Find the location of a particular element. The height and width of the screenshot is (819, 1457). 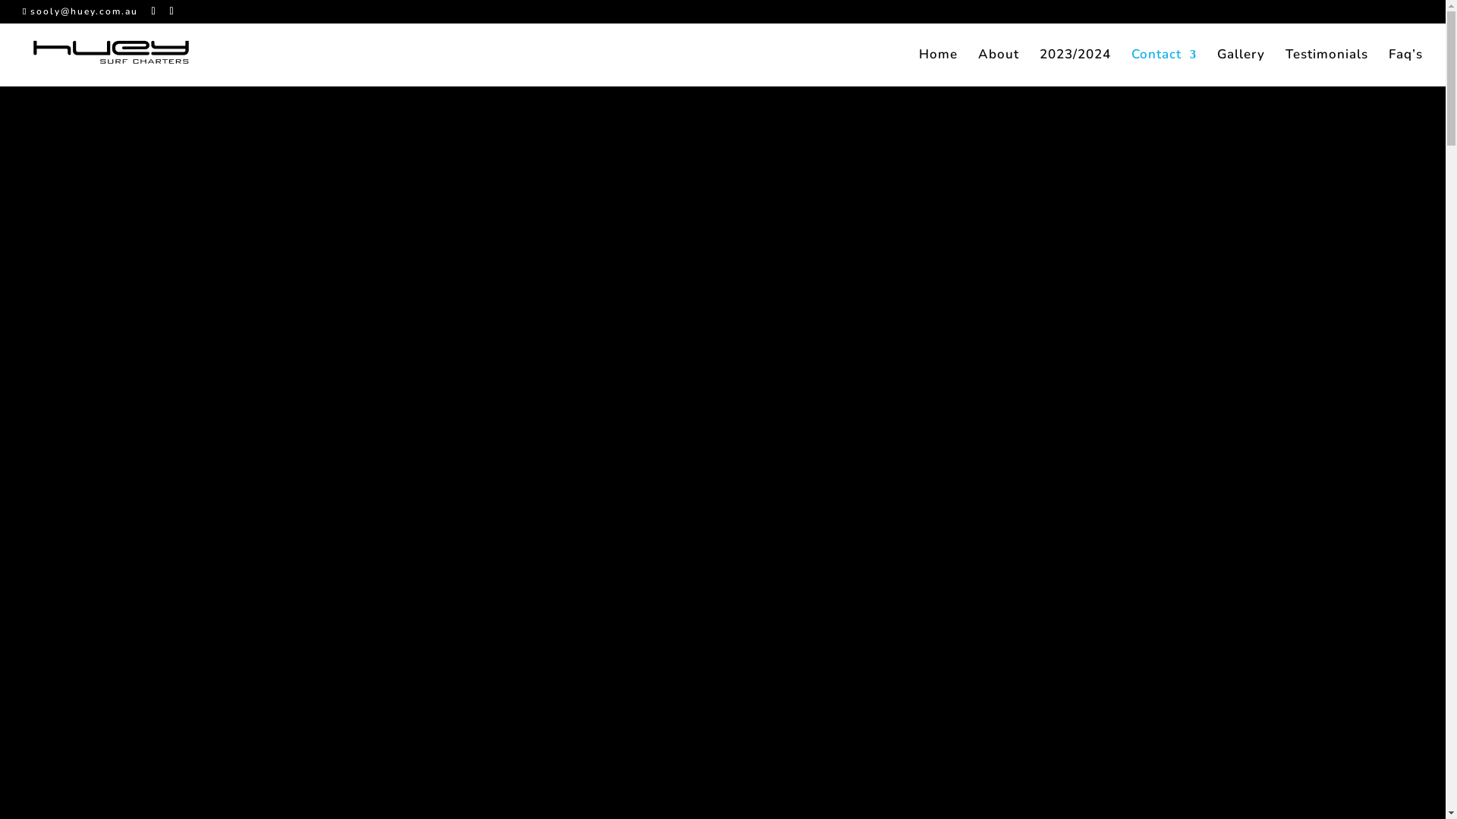

'Home' is located at coordinates (937, 67).